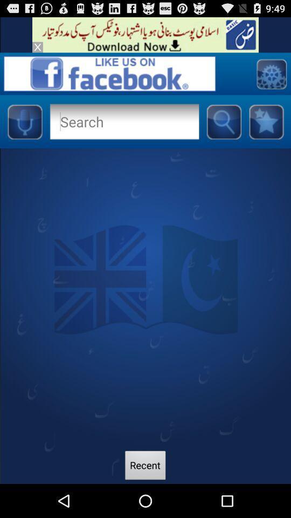 The image size is (291, 518). What do you see at coordinates (37, 47) in the screenshot?
I see `advertisement banner` at bounding box center [37, 47].